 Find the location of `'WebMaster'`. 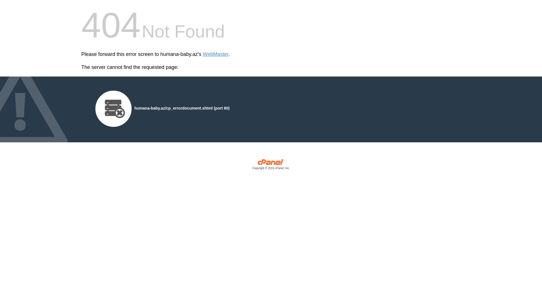

'WebMaster' is located at coordinates (215, 54).